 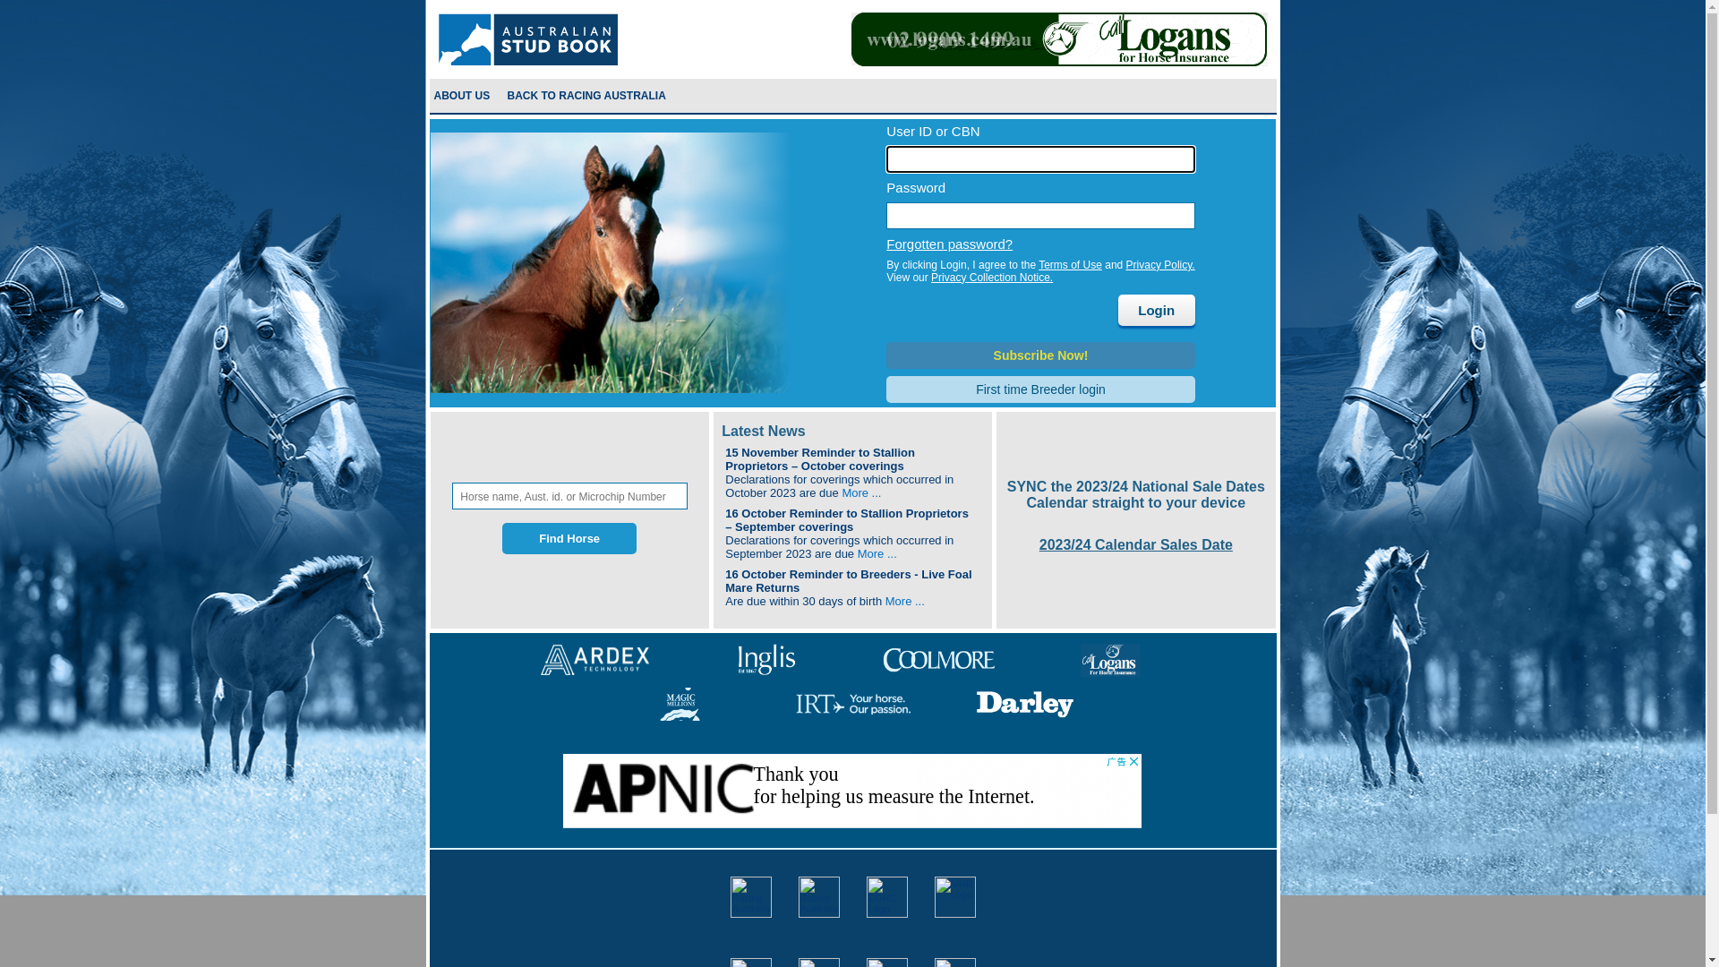 What do you see at coordinates (931, 277) in the screenshot?
I see `'Privacy Collection Notice.'` at bounding box center [931, 277].